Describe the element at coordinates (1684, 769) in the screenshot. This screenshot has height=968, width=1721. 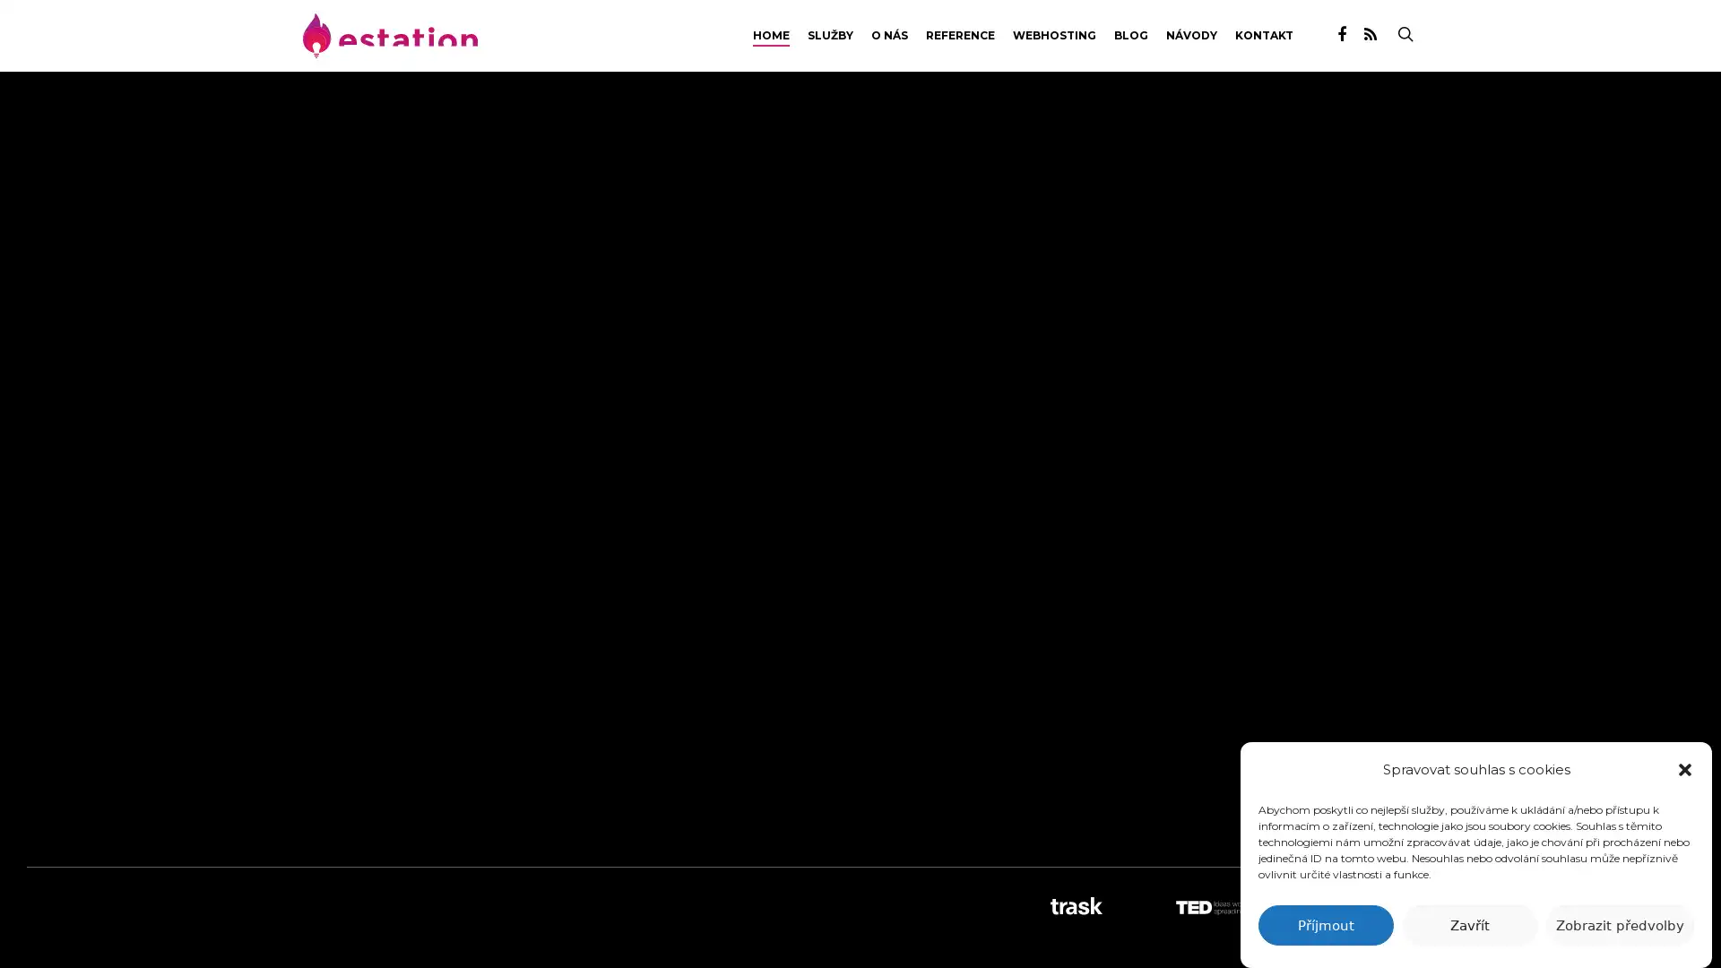
I see `close-dialog` at that location.